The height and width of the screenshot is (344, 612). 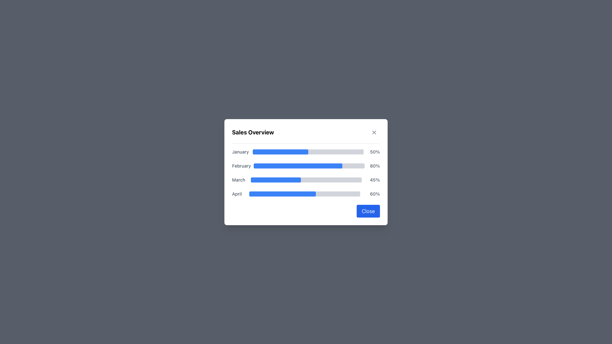 I want to click on the static label text that indicates the percentage value next to the progress bar for 'January' in the 'Sales Overview' card, so click(x=374, y=152).